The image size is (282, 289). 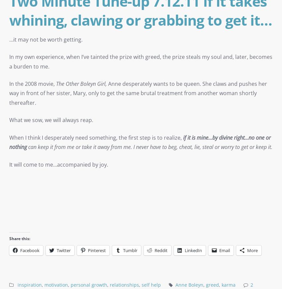 I want to click on 'self help', so click(x=141, y=284).